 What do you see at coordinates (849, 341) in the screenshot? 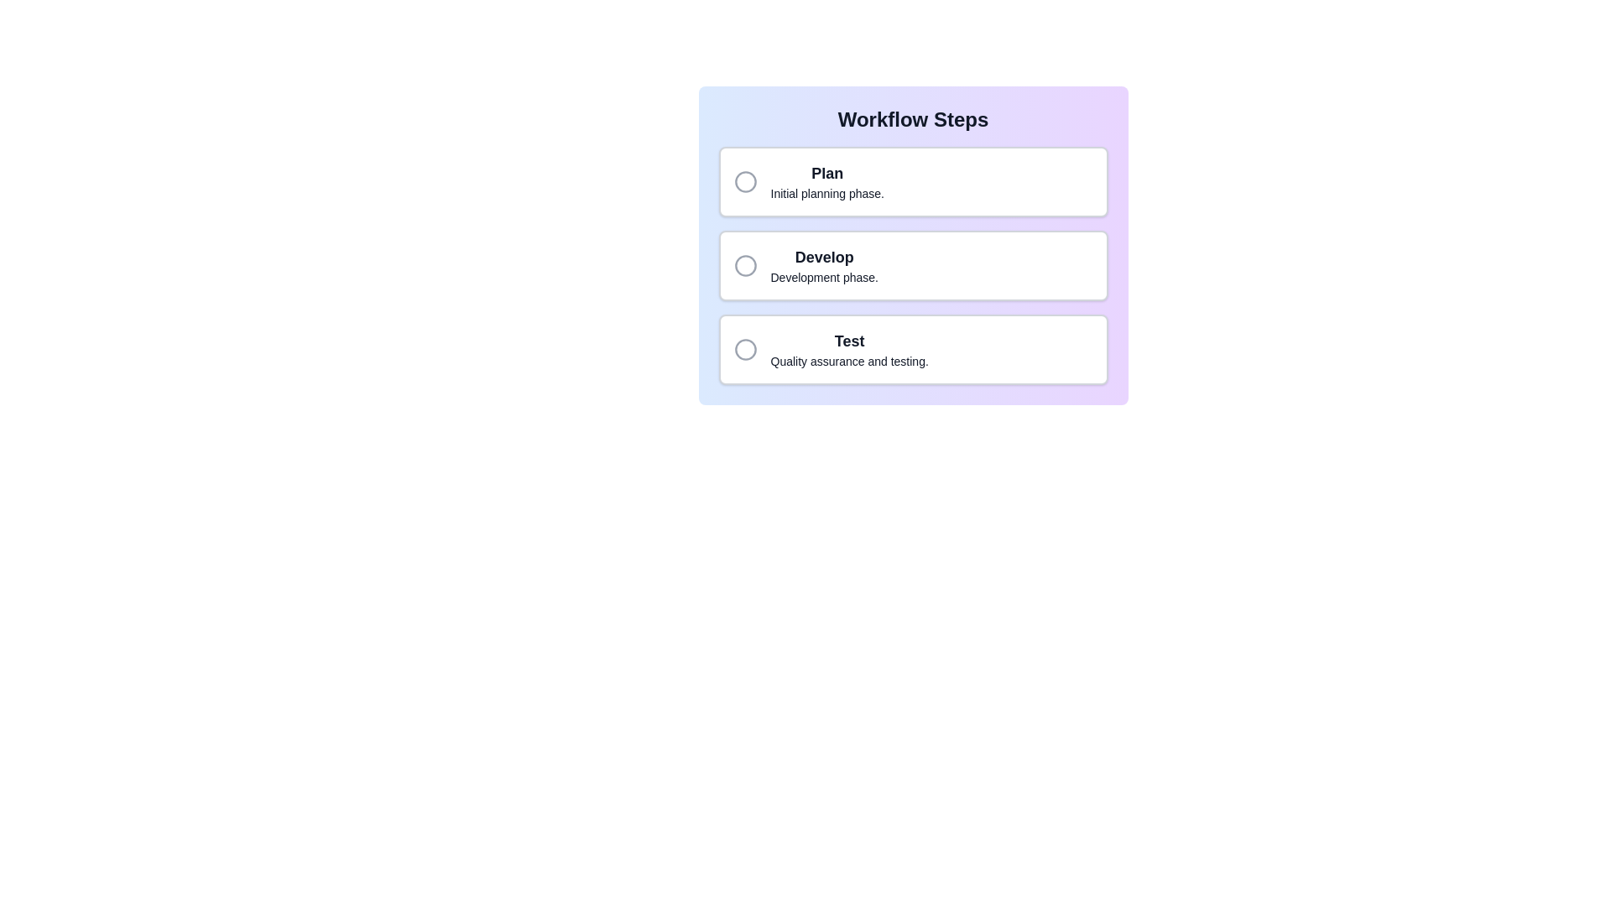
I see `the text label 'Test' which is styled in bold and located at the top of the third box under the header 'Workflow Steps'` at bounding box center [849, 341].